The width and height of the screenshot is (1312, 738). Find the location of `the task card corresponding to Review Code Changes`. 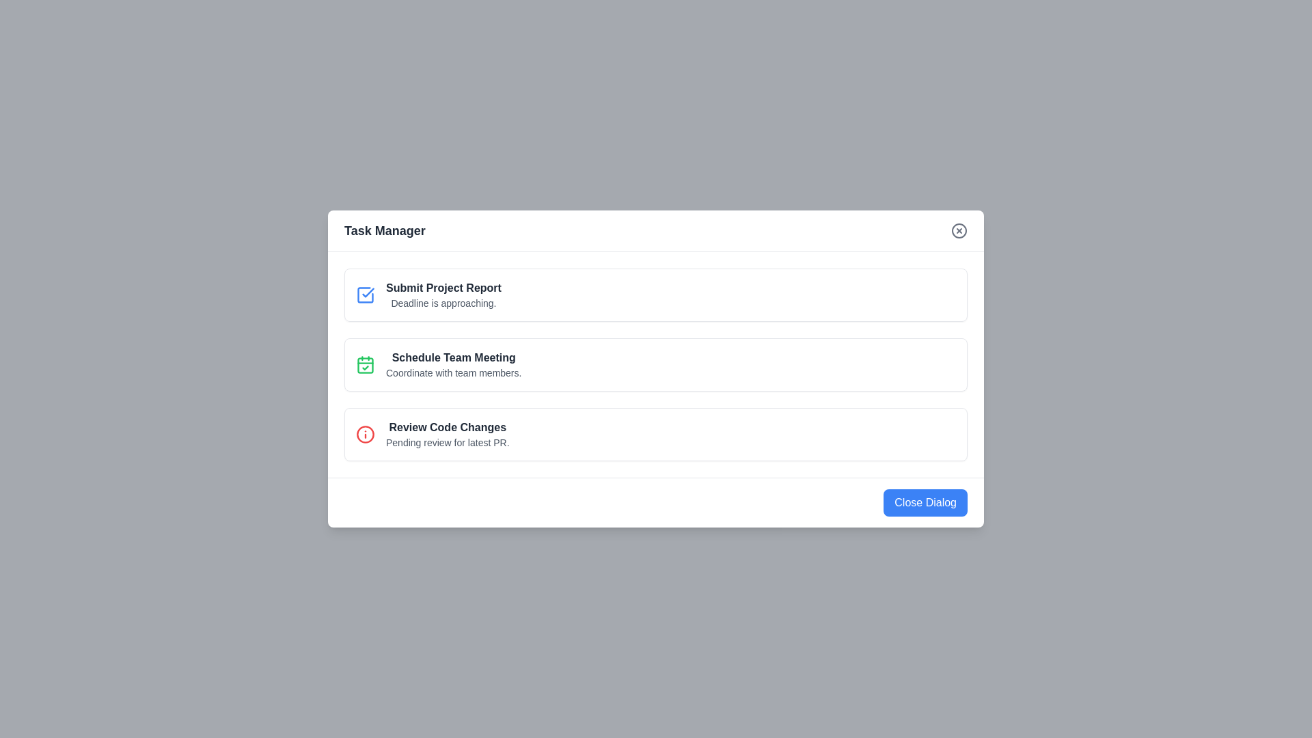

the task card corresponding to Review Code Changes is located at coordinates (656, 435).